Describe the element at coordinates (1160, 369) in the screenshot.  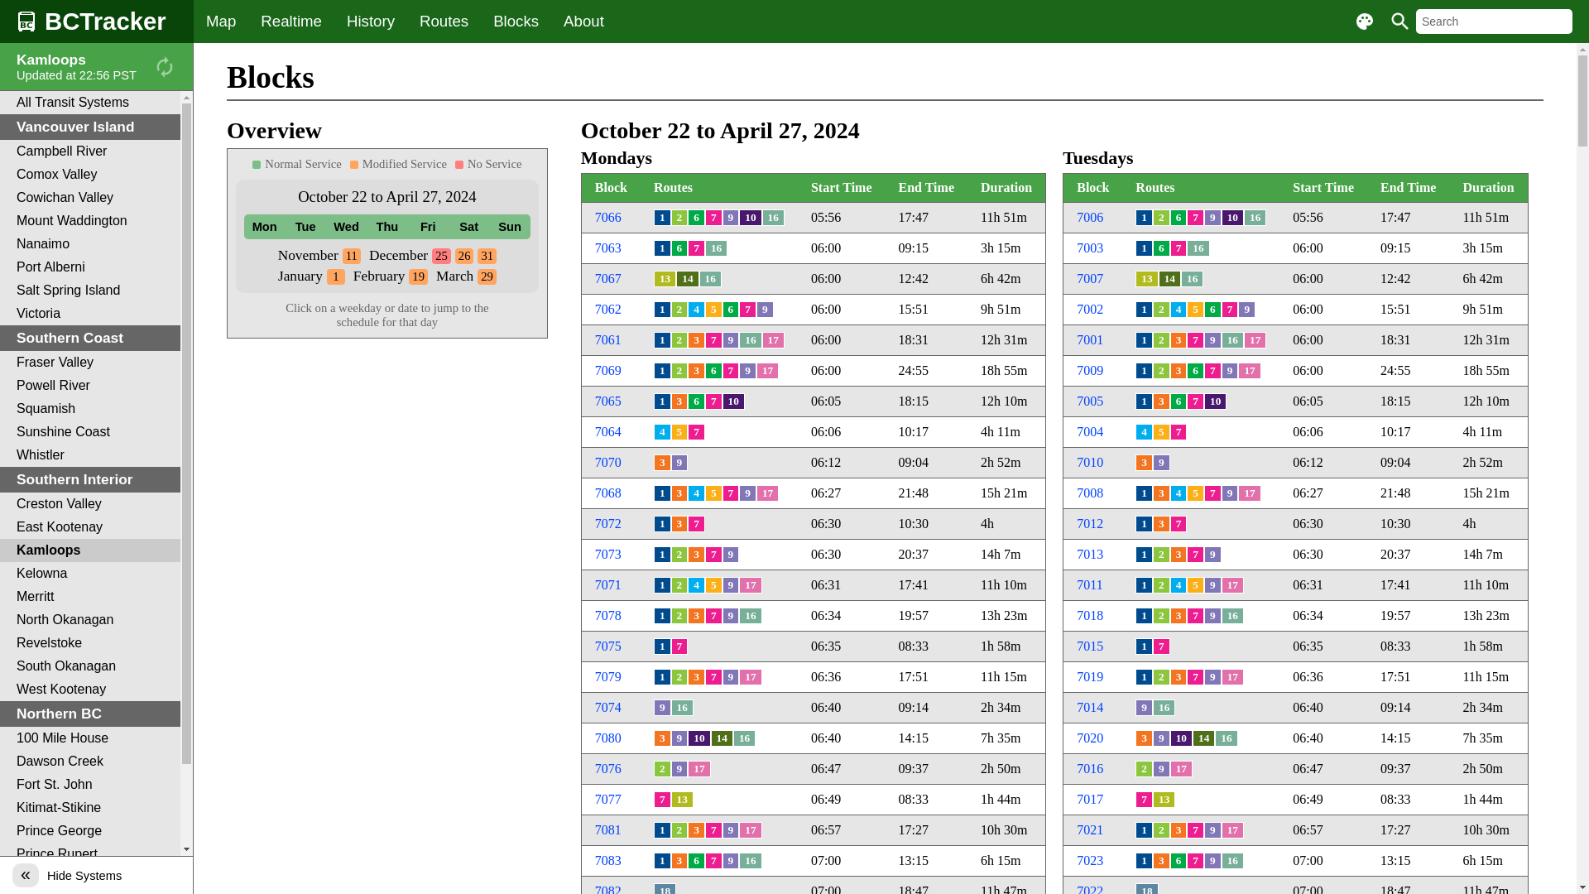
I see `'2'` at that location.